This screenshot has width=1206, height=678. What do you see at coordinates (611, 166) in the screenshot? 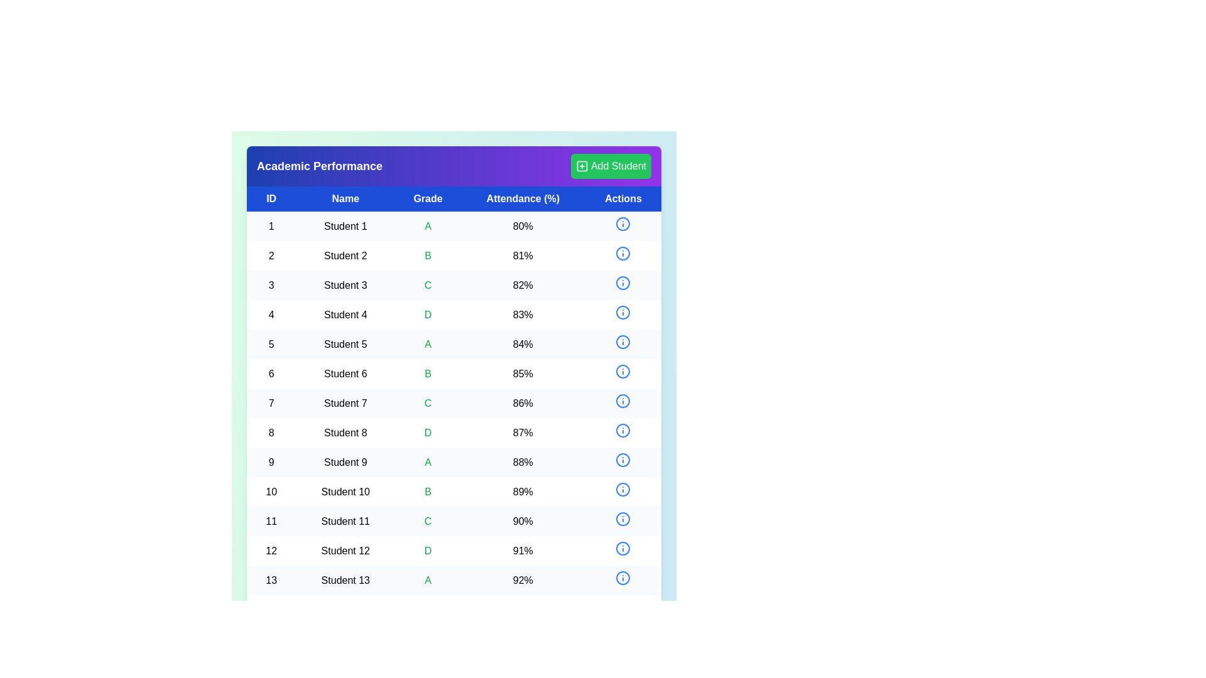
I see `the 'Add Student' button to add a new student` at bounding box center [611, 166].